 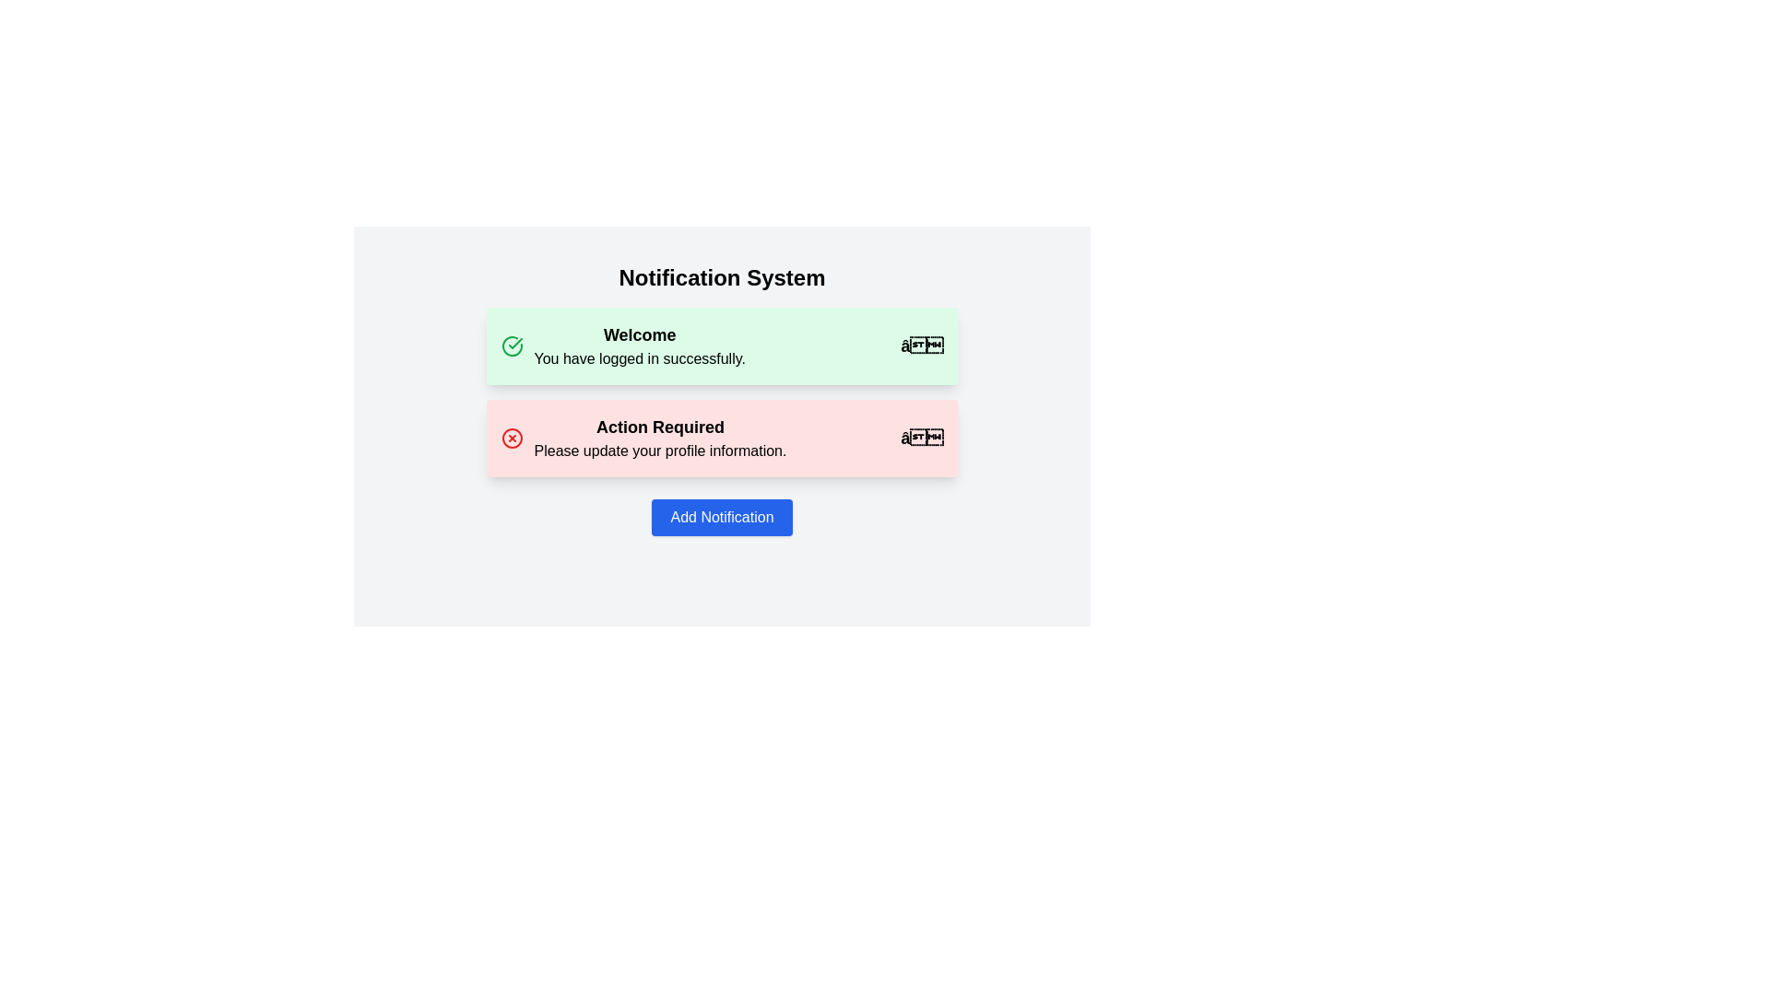 I want to click on the dismiss button located at the top-right corner of the second notification box with a red background that indicates an 'Action Required' message, so click(x=921, y=438).